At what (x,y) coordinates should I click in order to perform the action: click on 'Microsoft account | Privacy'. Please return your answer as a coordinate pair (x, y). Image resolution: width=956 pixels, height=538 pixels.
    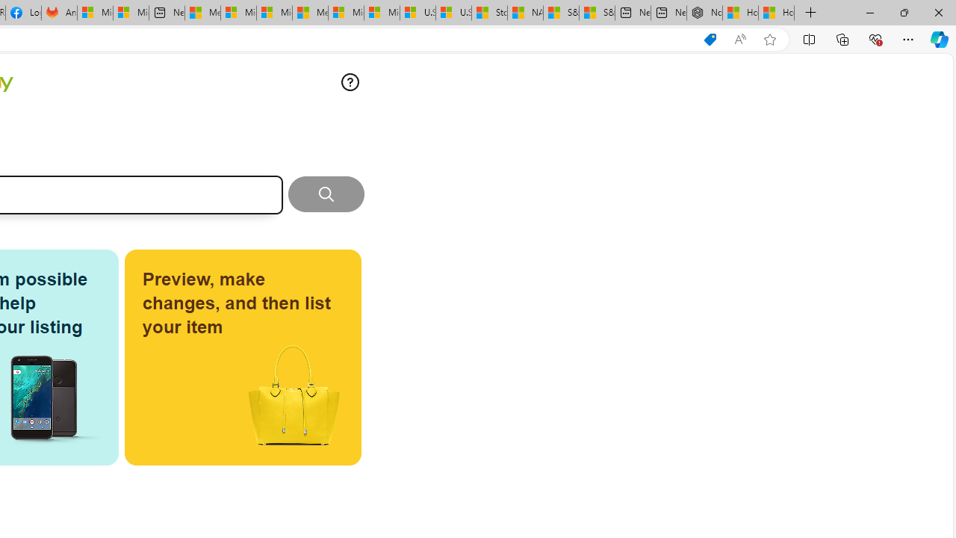
    Looking at the image, I should click on (238, 13).